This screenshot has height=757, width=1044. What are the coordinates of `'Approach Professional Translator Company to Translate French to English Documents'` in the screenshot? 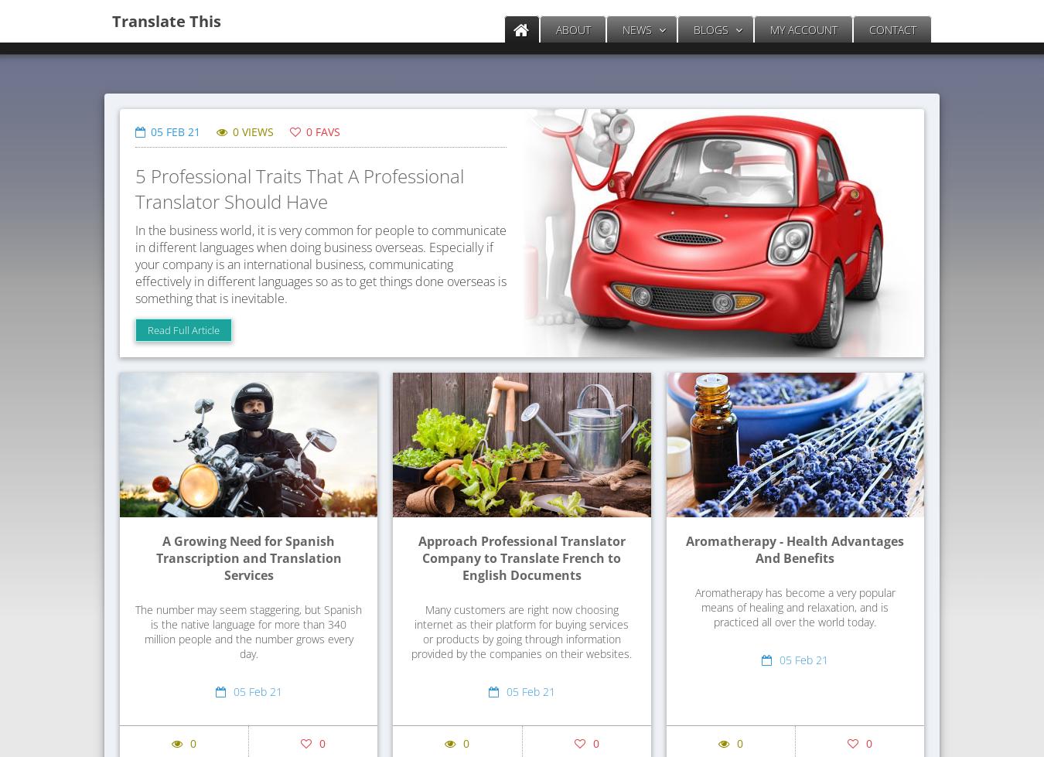 It's located at (521, 558).